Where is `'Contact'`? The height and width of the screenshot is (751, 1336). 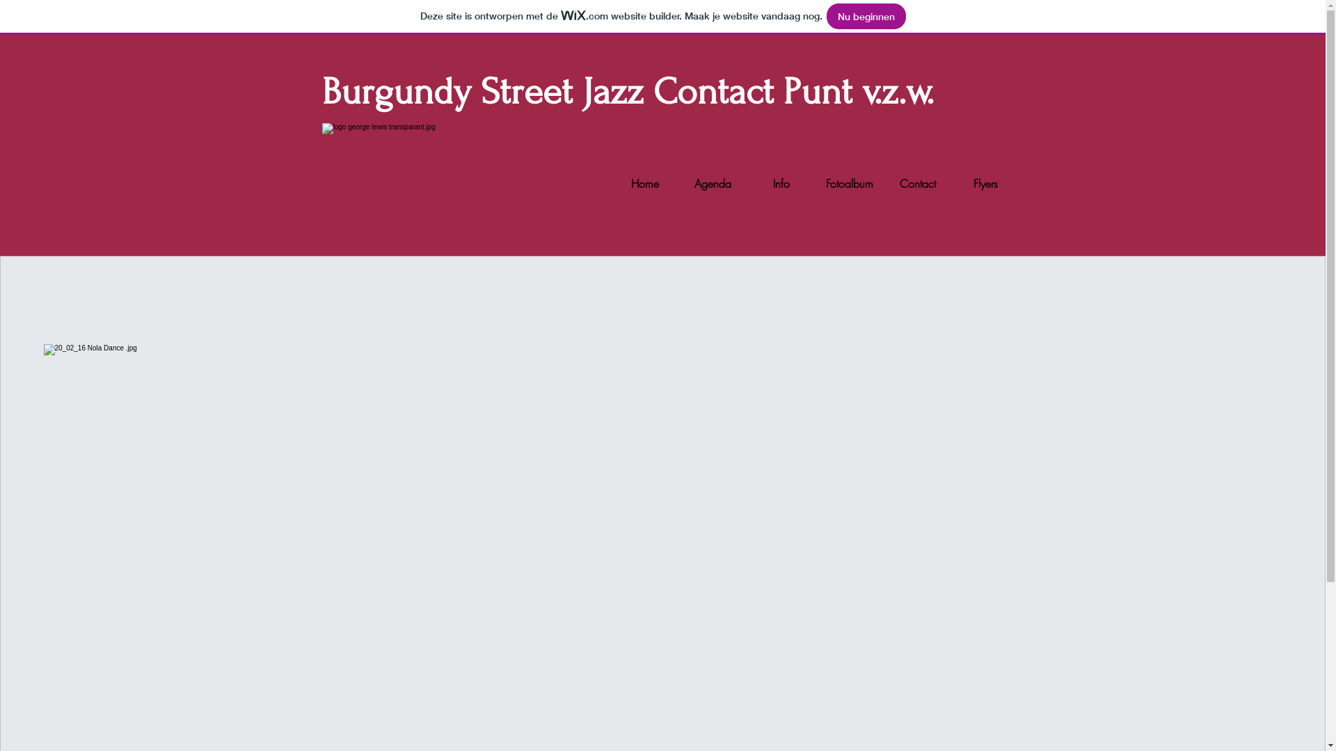 'Contact' is located at coordinates (918, 182).